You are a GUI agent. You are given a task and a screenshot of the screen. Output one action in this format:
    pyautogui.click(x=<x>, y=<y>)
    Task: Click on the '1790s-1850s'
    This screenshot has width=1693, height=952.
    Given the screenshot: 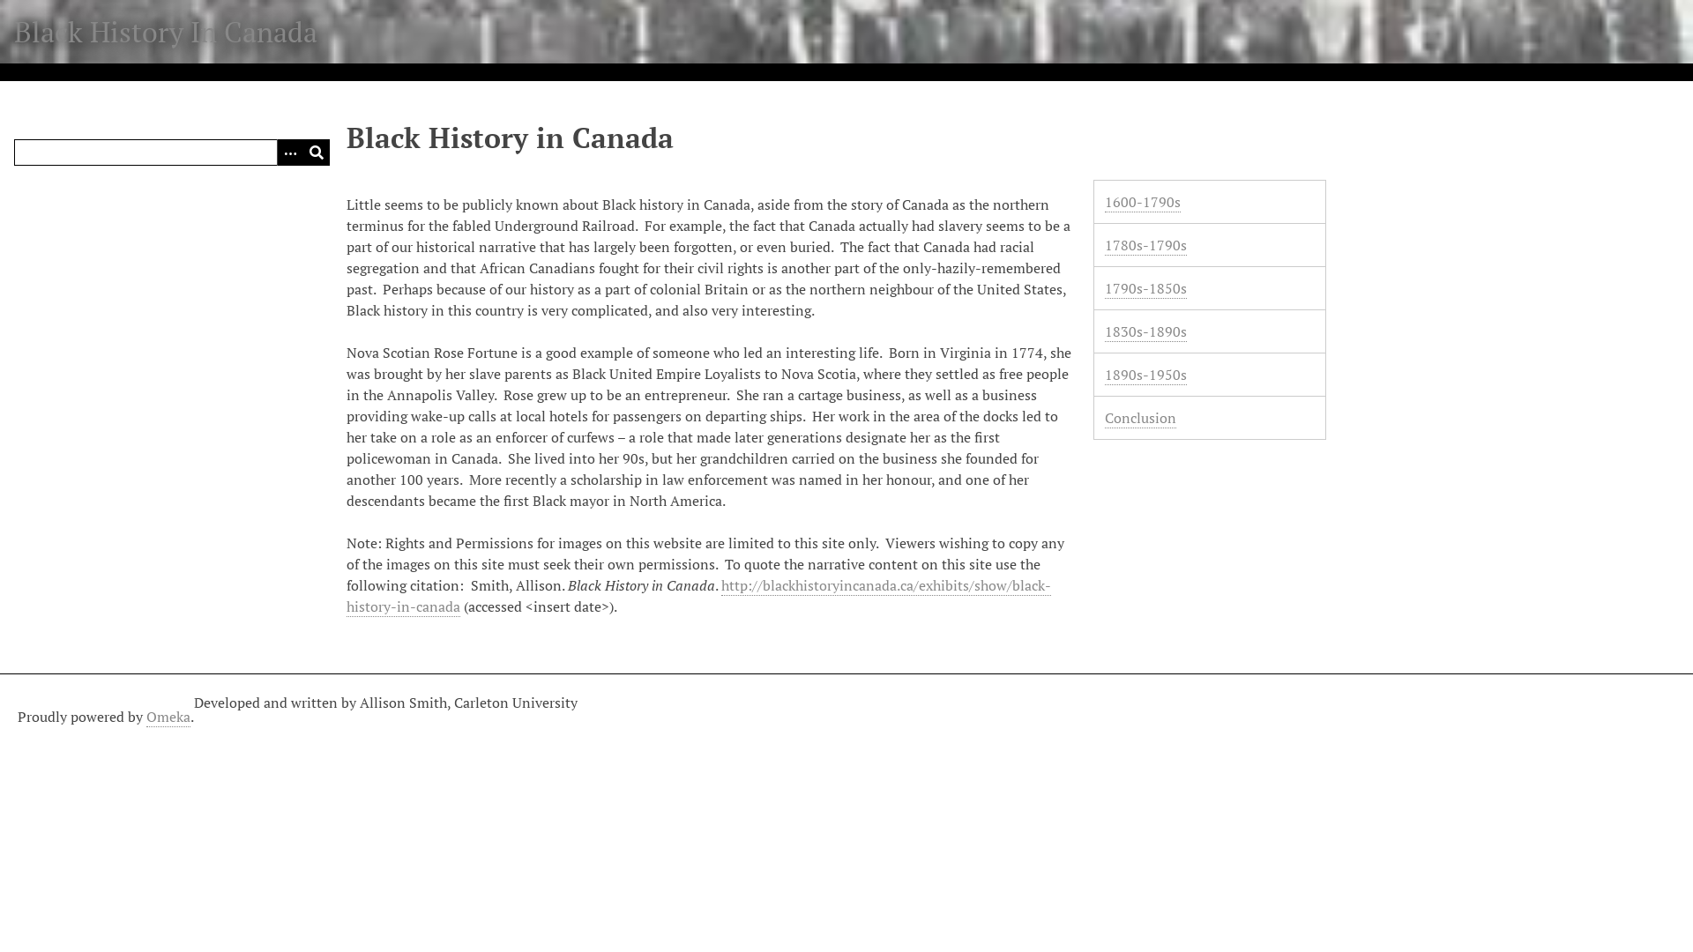 What is the action you would take?
    pyautogui.click(x=1145, y=287)
    